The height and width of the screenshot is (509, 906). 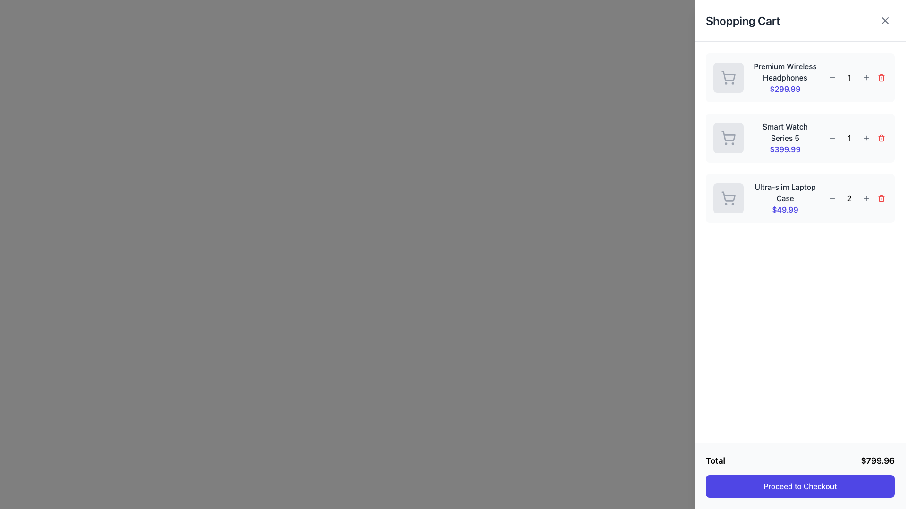 I want to click on the first item description block in the shopping cart interface, which displays the product name and price, located in the right-side panel, so click(x=785, y=77).